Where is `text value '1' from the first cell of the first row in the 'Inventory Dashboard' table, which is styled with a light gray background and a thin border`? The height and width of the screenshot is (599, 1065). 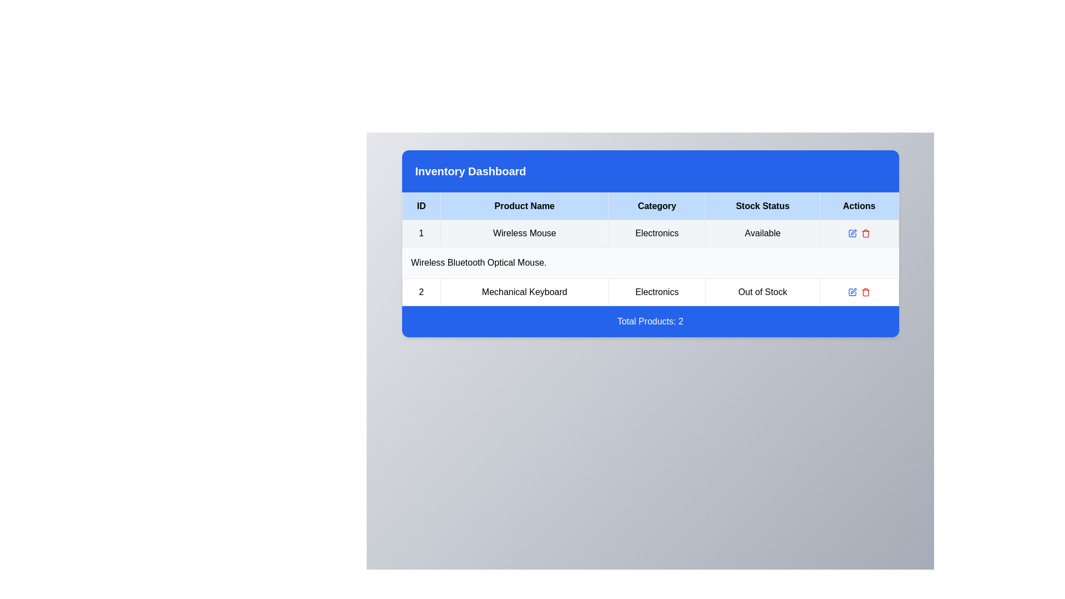
text value '1' from the first cell of the first row in the 'Inventory Dashboard' table, which is styled with a light gray background and a thin border is located at coordinates (420, 232).